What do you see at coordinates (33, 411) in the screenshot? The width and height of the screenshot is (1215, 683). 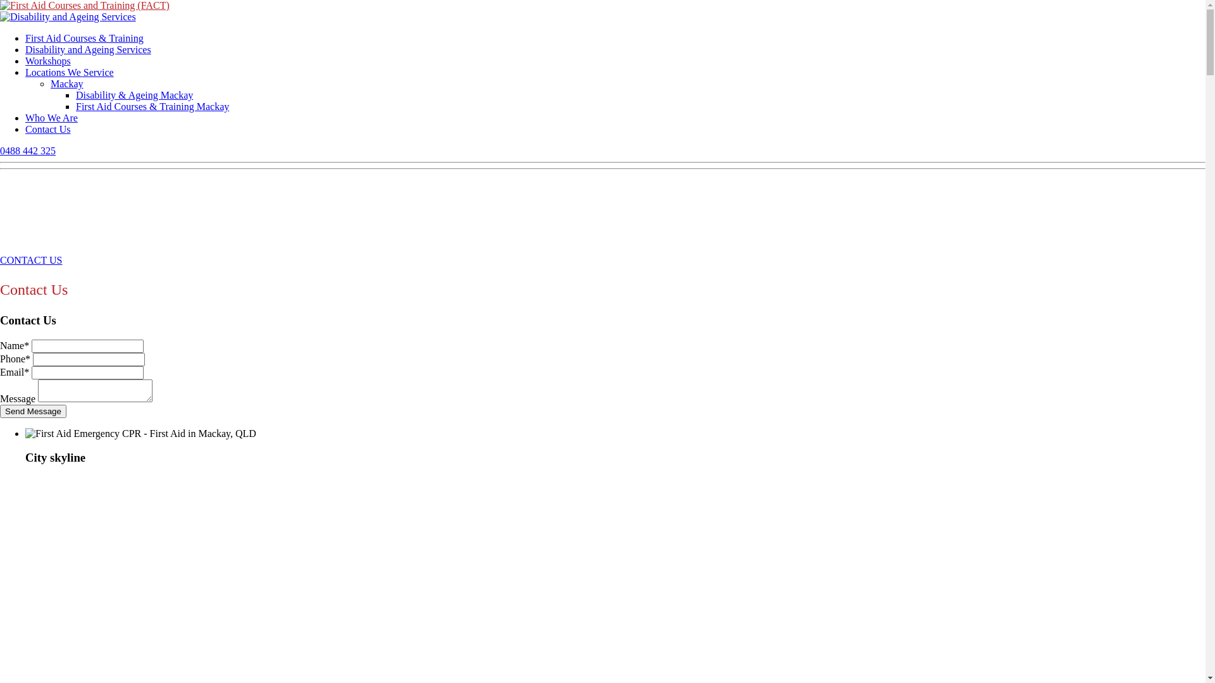 I see `'Send Message'` at bounding box center [33, 411].